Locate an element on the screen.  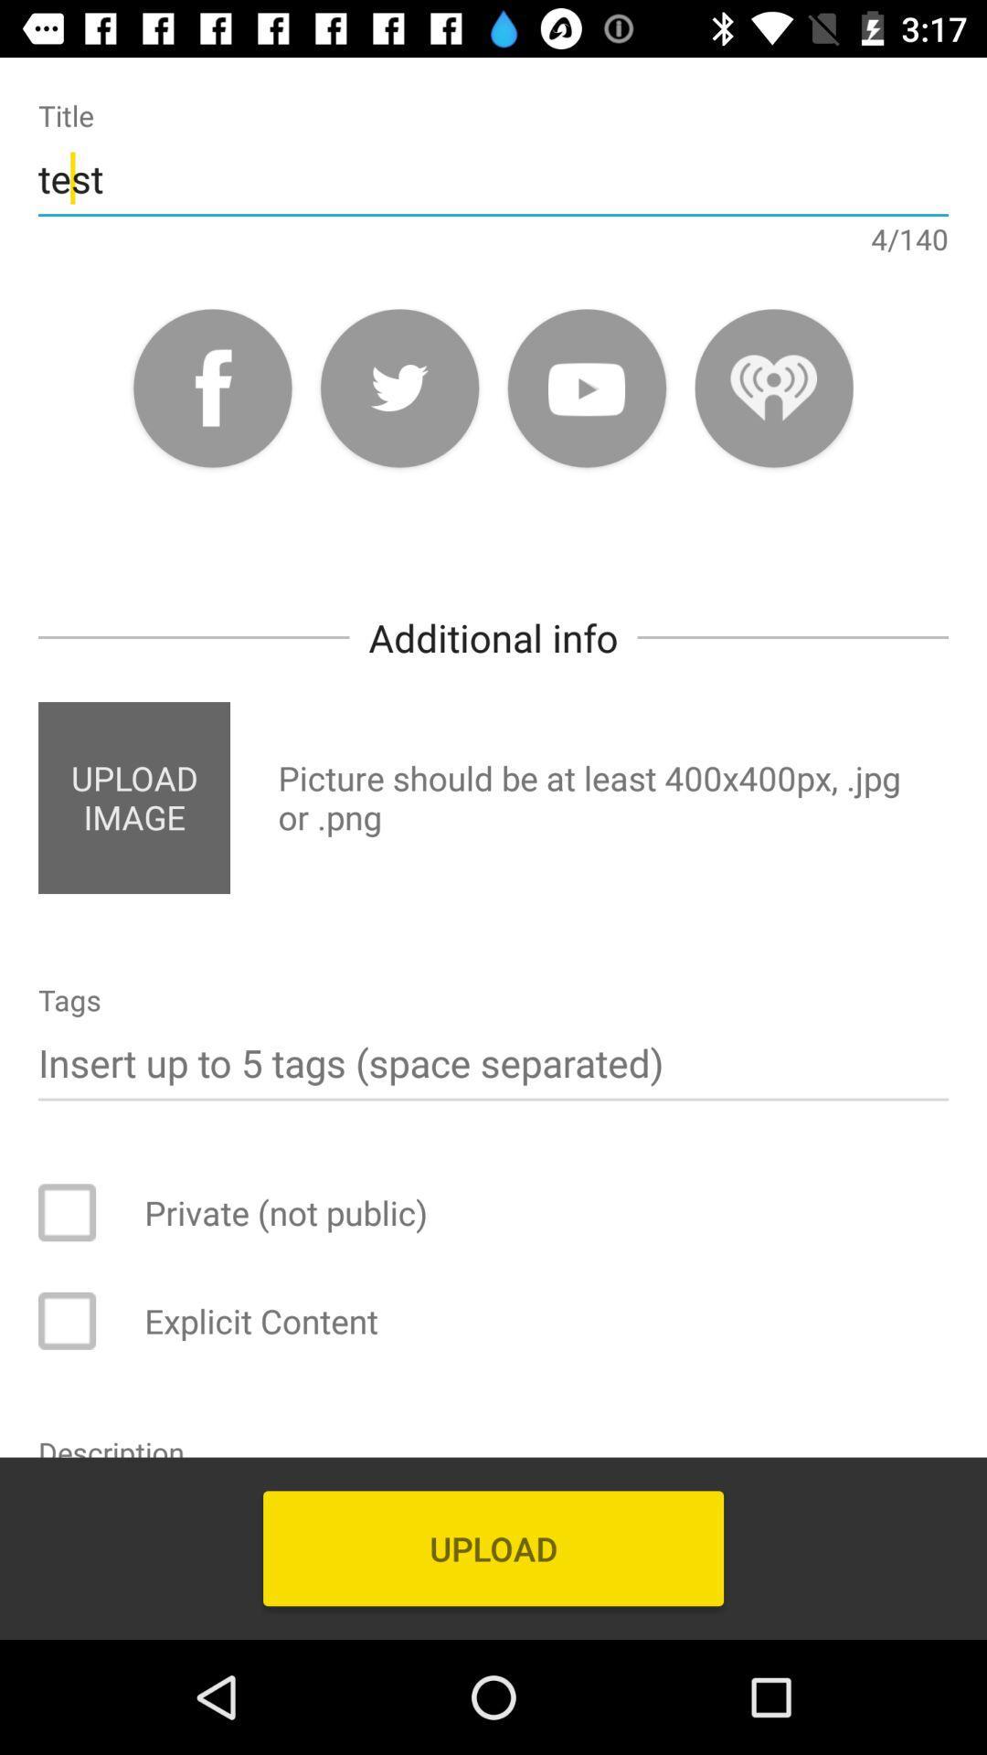
checkbox for selecting private is located at coordinates (79, 1212).